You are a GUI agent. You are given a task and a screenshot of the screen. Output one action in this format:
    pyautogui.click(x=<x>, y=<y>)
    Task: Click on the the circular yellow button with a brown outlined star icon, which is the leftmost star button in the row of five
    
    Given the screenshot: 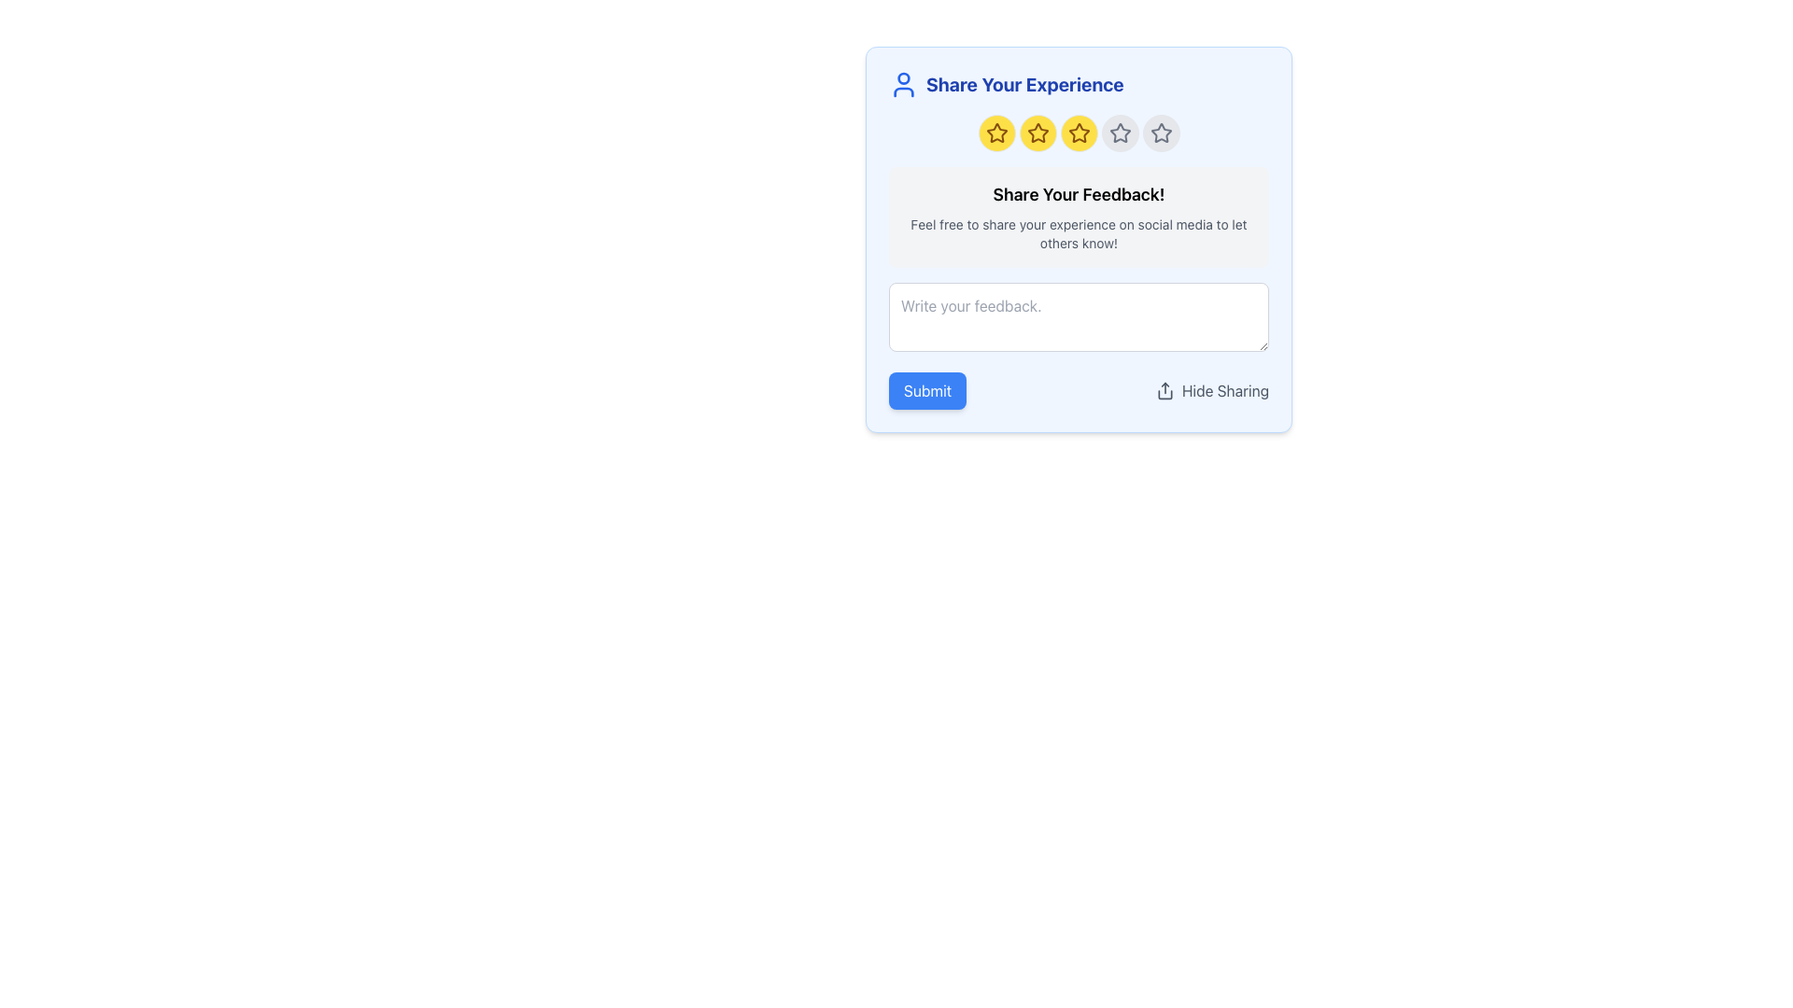 What is the action you would take?
    pyautogui.click(x=995, y=132)
    